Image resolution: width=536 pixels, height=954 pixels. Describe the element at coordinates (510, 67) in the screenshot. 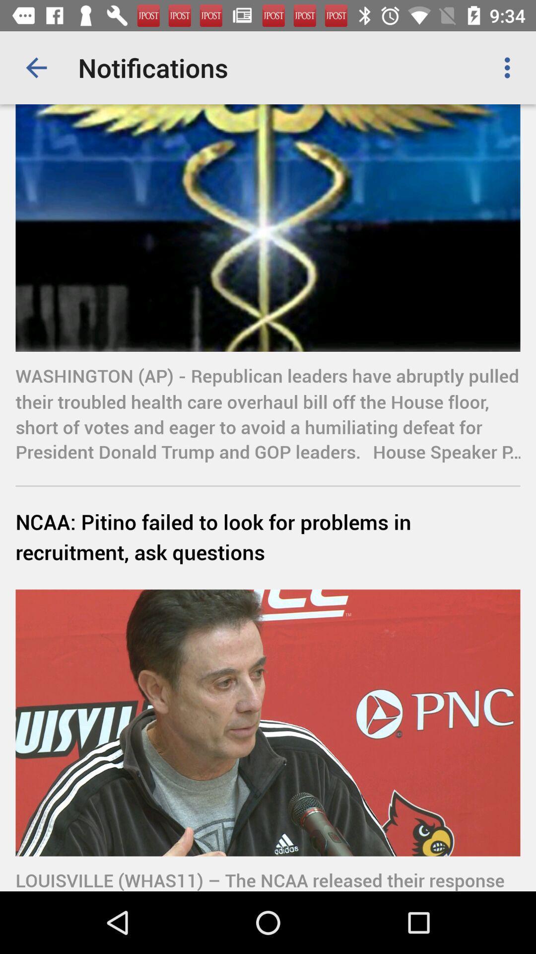

I see `the icon next to the notifications` at that location.